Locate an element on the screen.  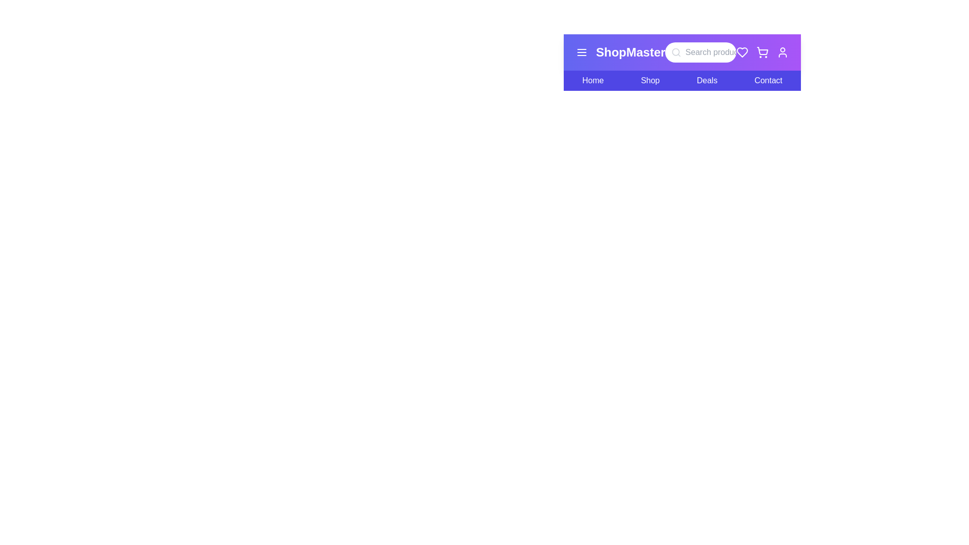
the shopping cart icon in the navigation bar is located at coordinates (763, 52).